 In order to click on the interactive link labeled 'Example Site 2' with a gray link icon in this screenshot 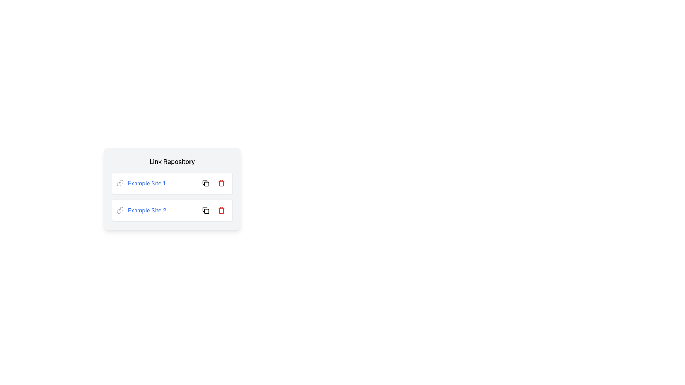, I will do `click(141, 210)`.